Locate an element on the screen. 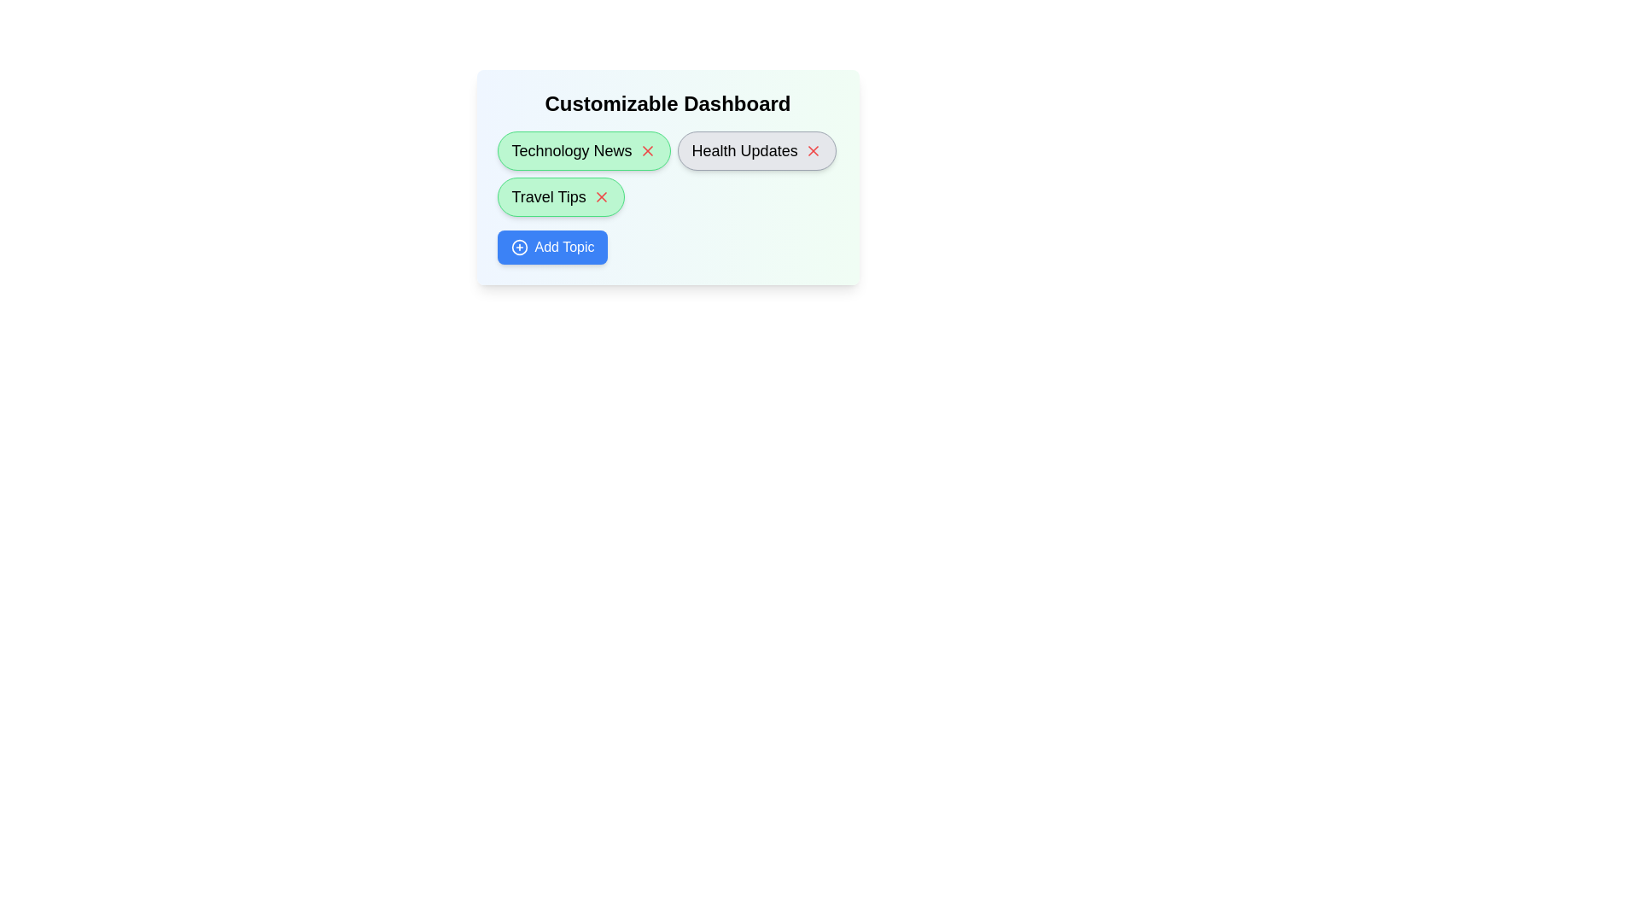  the 'X' button next to the topic named Travel Tips to remove it is located at coordinates (601, 196).